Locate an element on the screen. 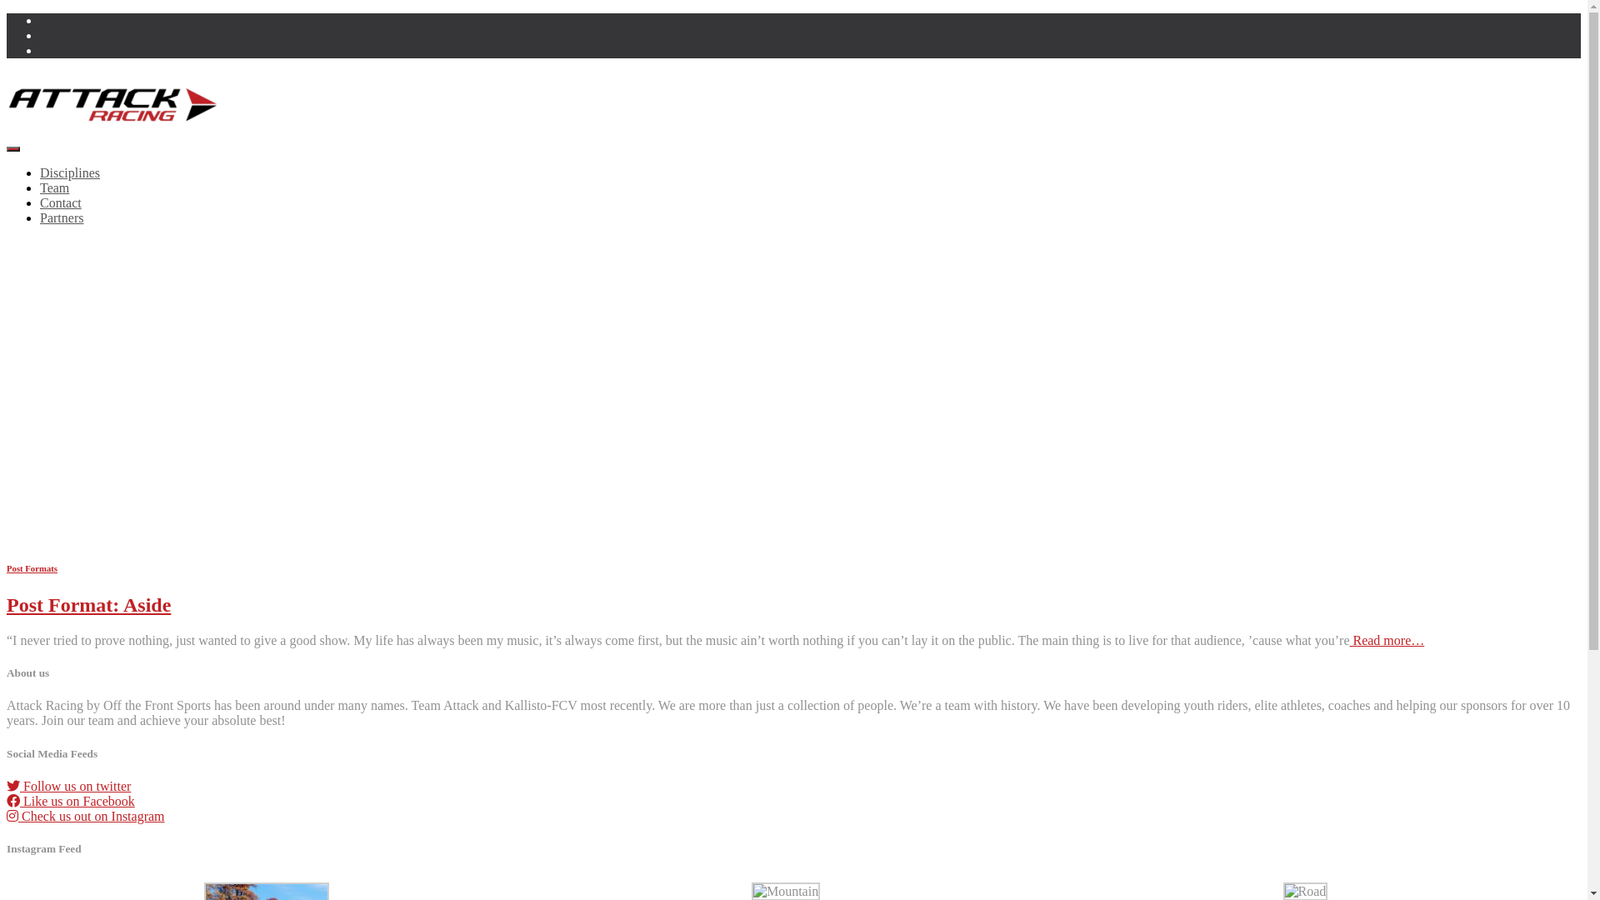 The height and width of the screenshot is (900, 1600). 'Partners' is located at coordinates (61, 217).